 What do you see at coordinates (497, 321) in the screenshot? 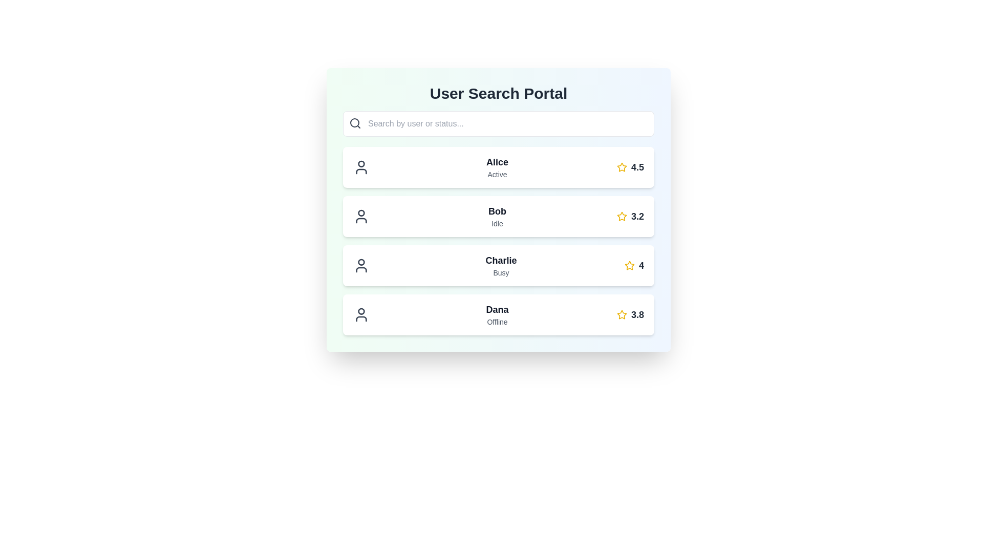
I see `the text label displaying 'Offline' below the name 'Dana' in the fourth user entry of the list` at bounding box center [497, 321].